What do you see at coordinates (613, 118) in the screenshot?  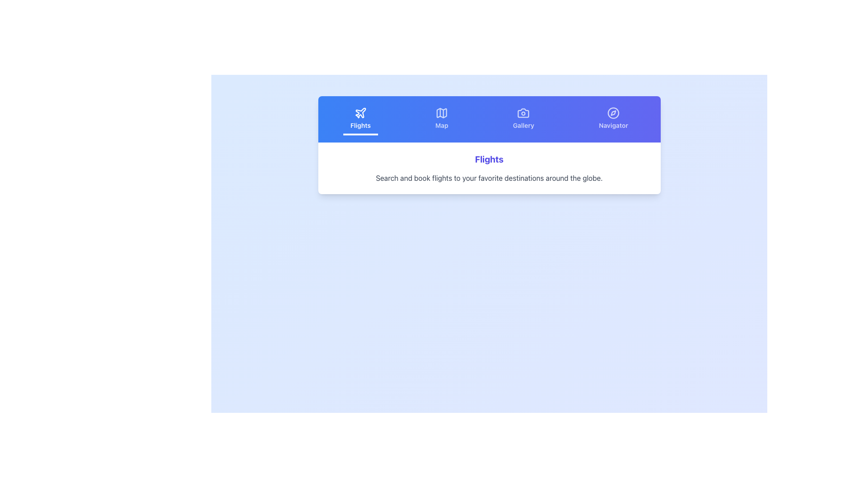 I see `the navigation button located at the far right of the horizontal navigation bar` at bounding box center [613, 118].